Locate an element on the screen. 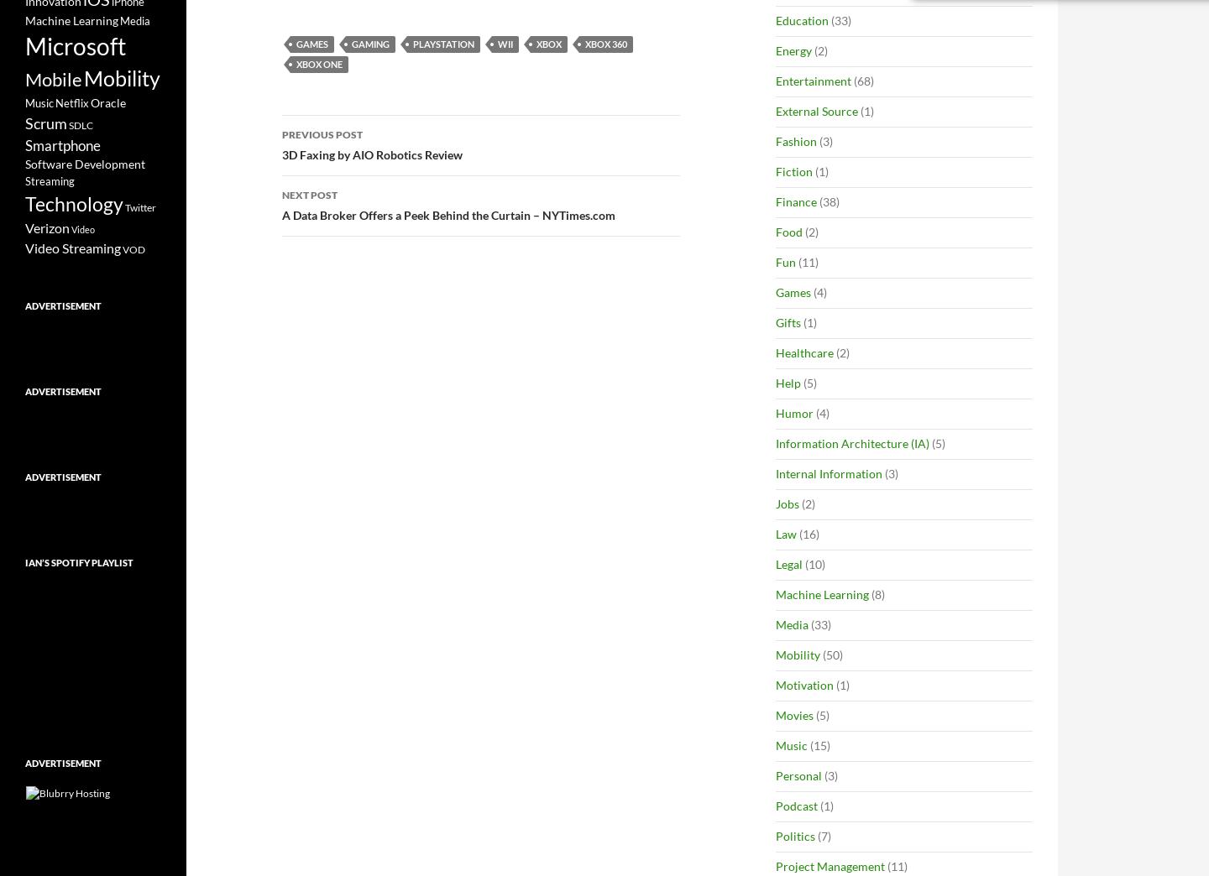  'Personal' is located at coordinates (776, 774).